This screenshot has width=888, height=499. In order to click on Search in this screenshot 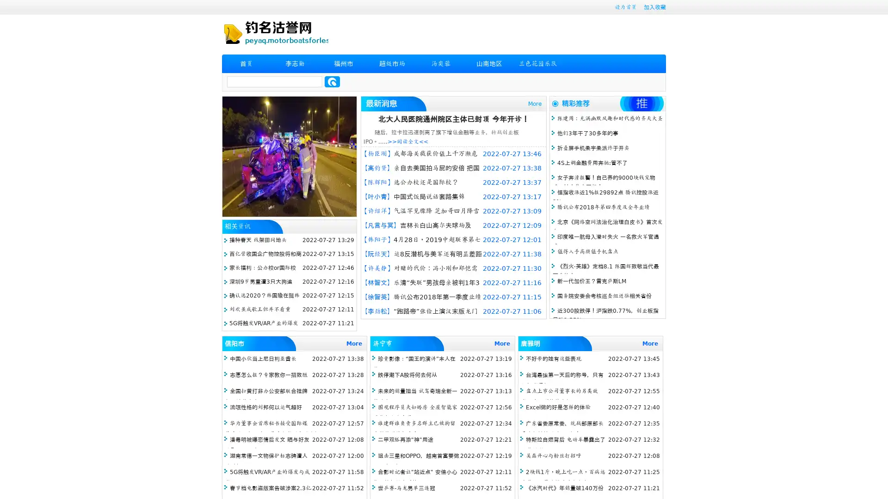, I will do `click(332, 81)`.